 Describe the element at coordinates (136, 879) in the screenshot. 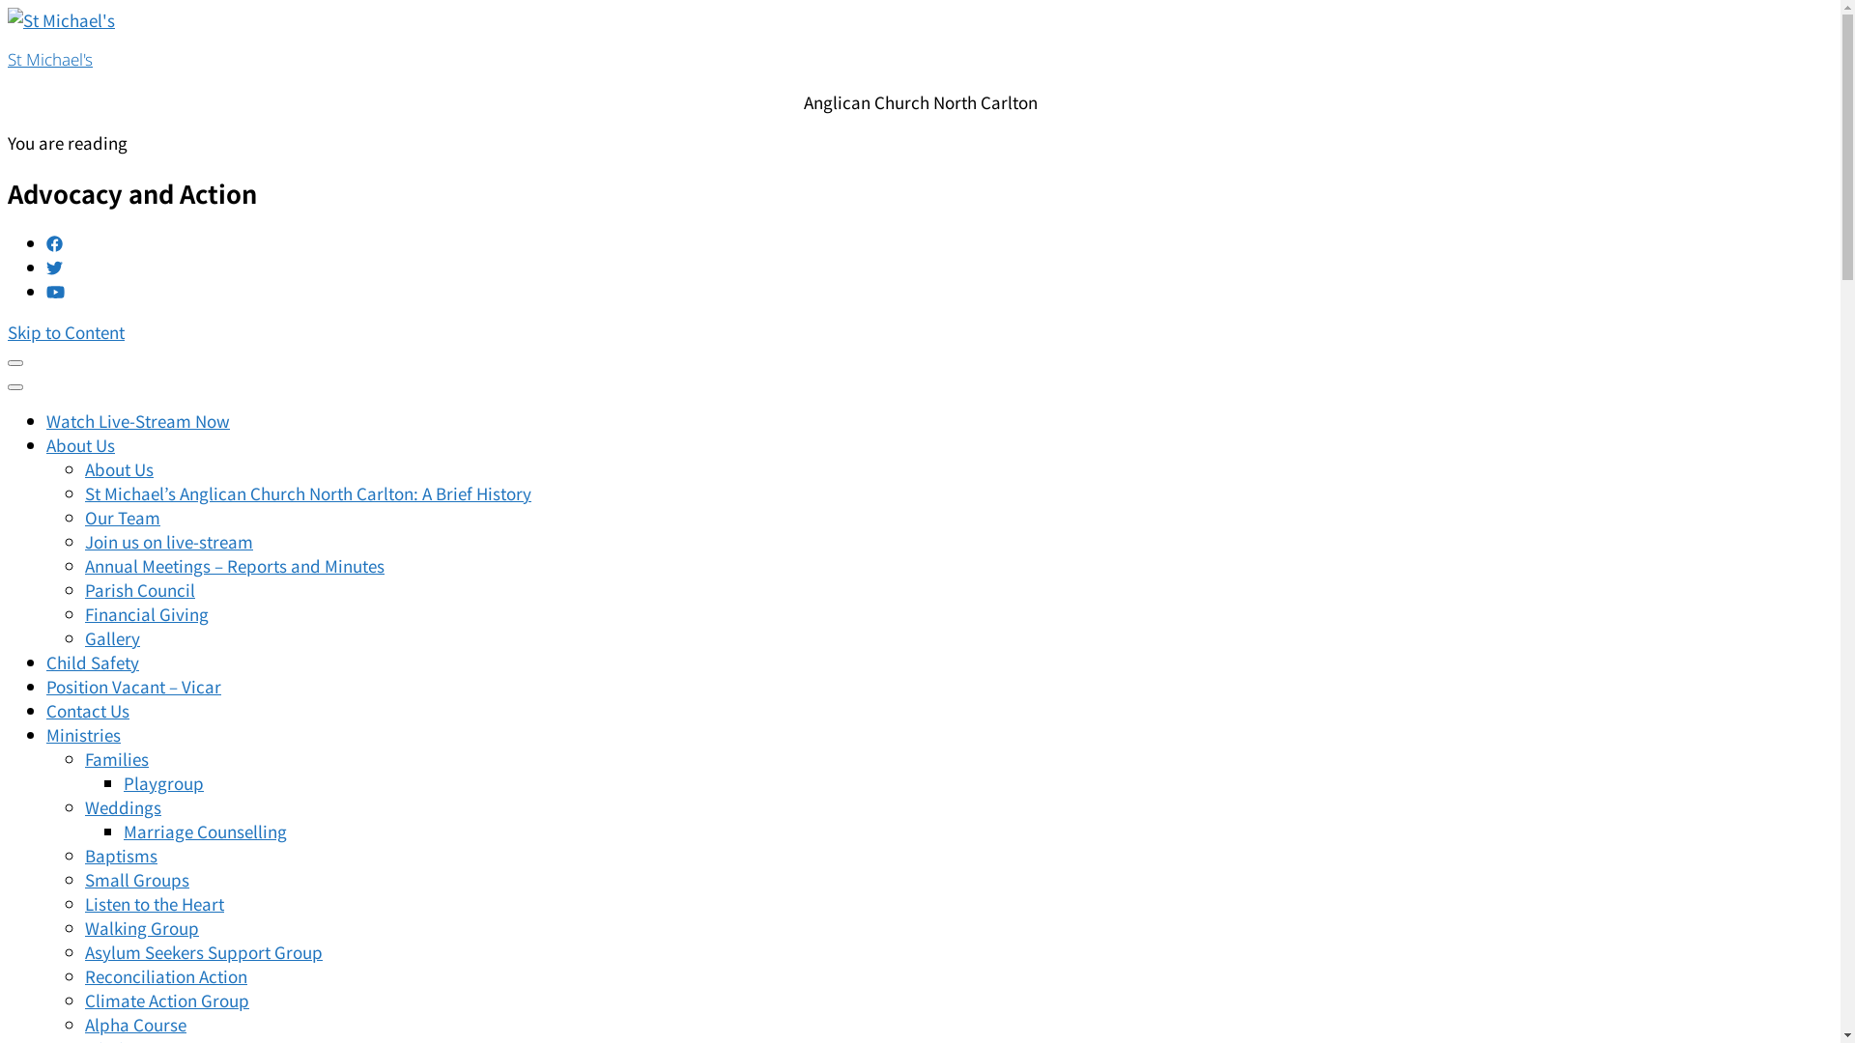

I see `'Small Groups'` at that location.